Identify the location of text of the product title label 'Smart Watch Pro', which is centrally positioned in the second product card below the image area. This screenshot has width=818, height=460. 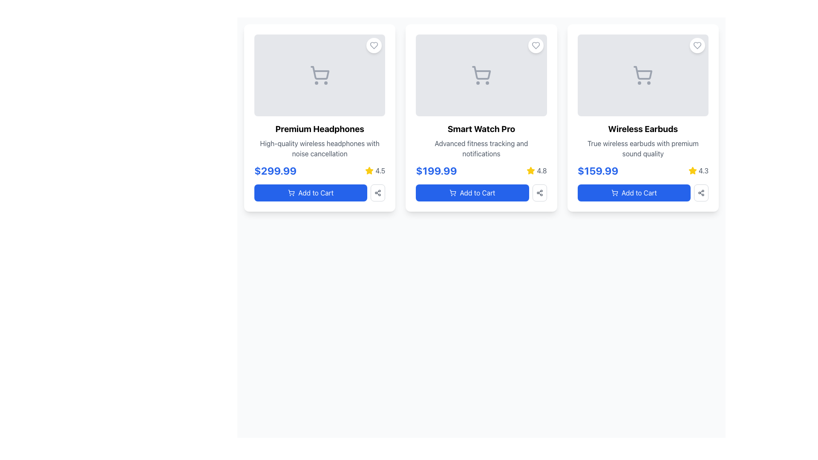
(481, 129).